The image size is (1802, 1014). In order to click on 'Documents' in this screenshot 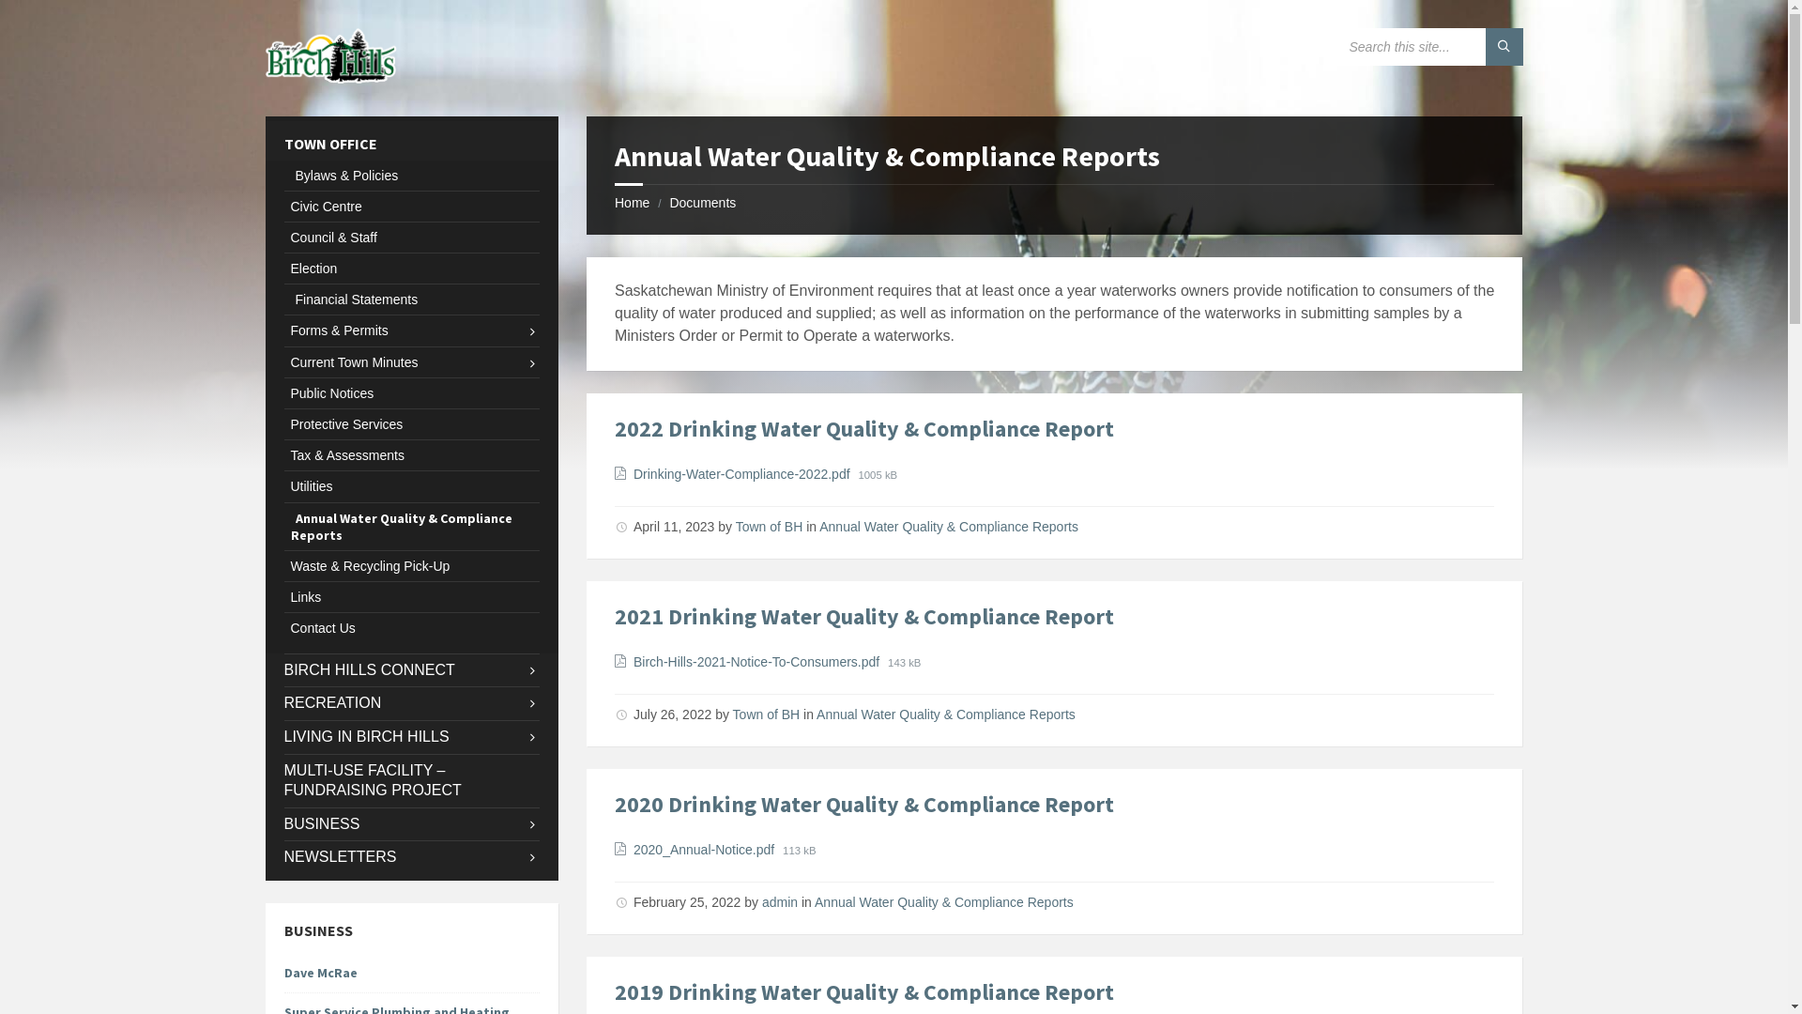, I will do `click(701, 203)`.